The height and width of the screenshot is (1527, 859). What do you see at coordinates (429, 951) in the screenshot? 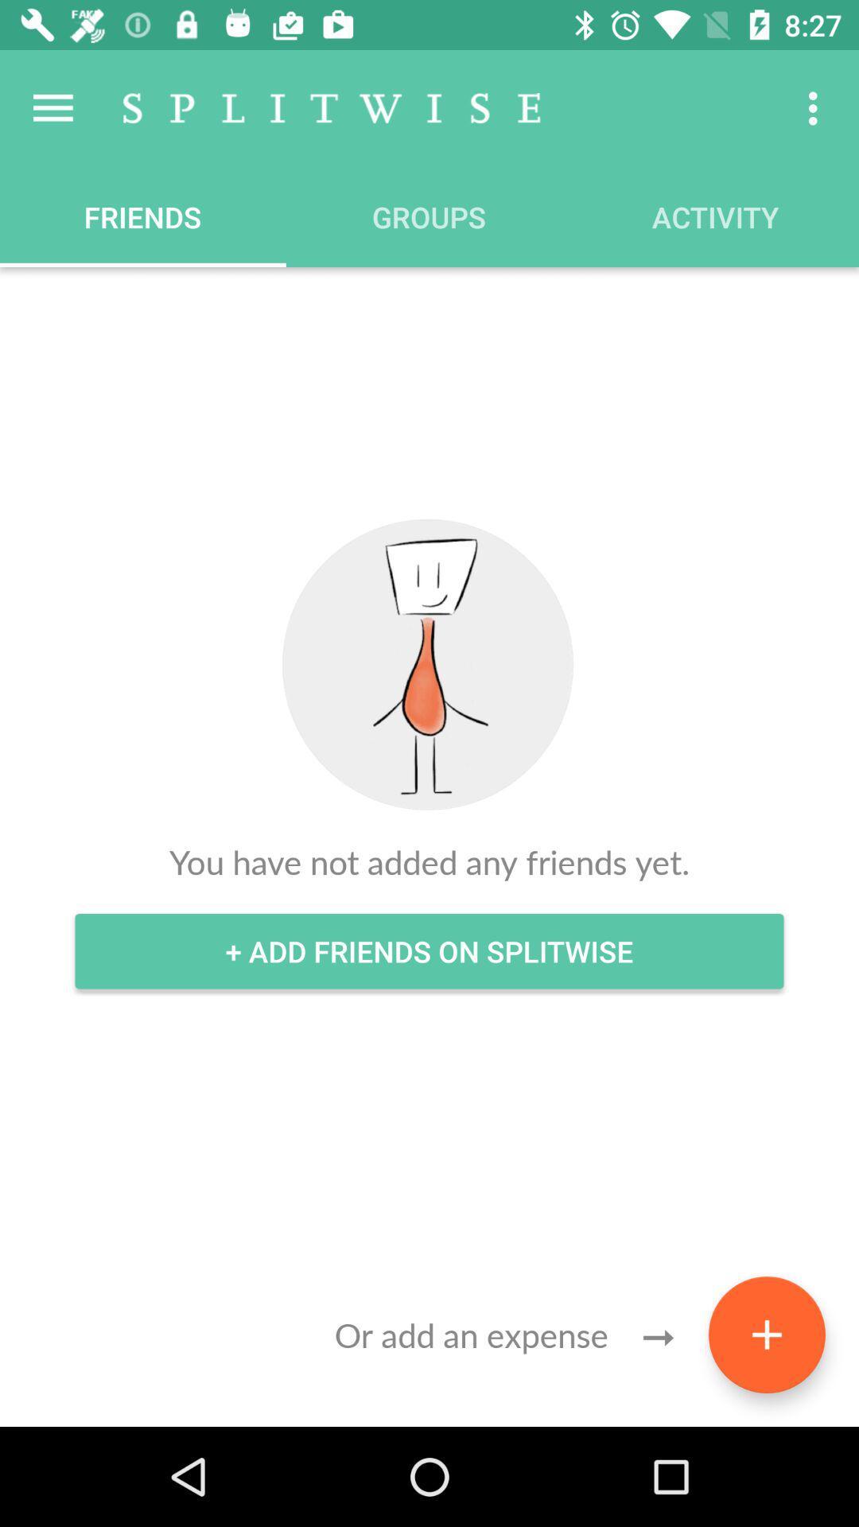
I see `add friends on item` at bounding box center [429, 951].